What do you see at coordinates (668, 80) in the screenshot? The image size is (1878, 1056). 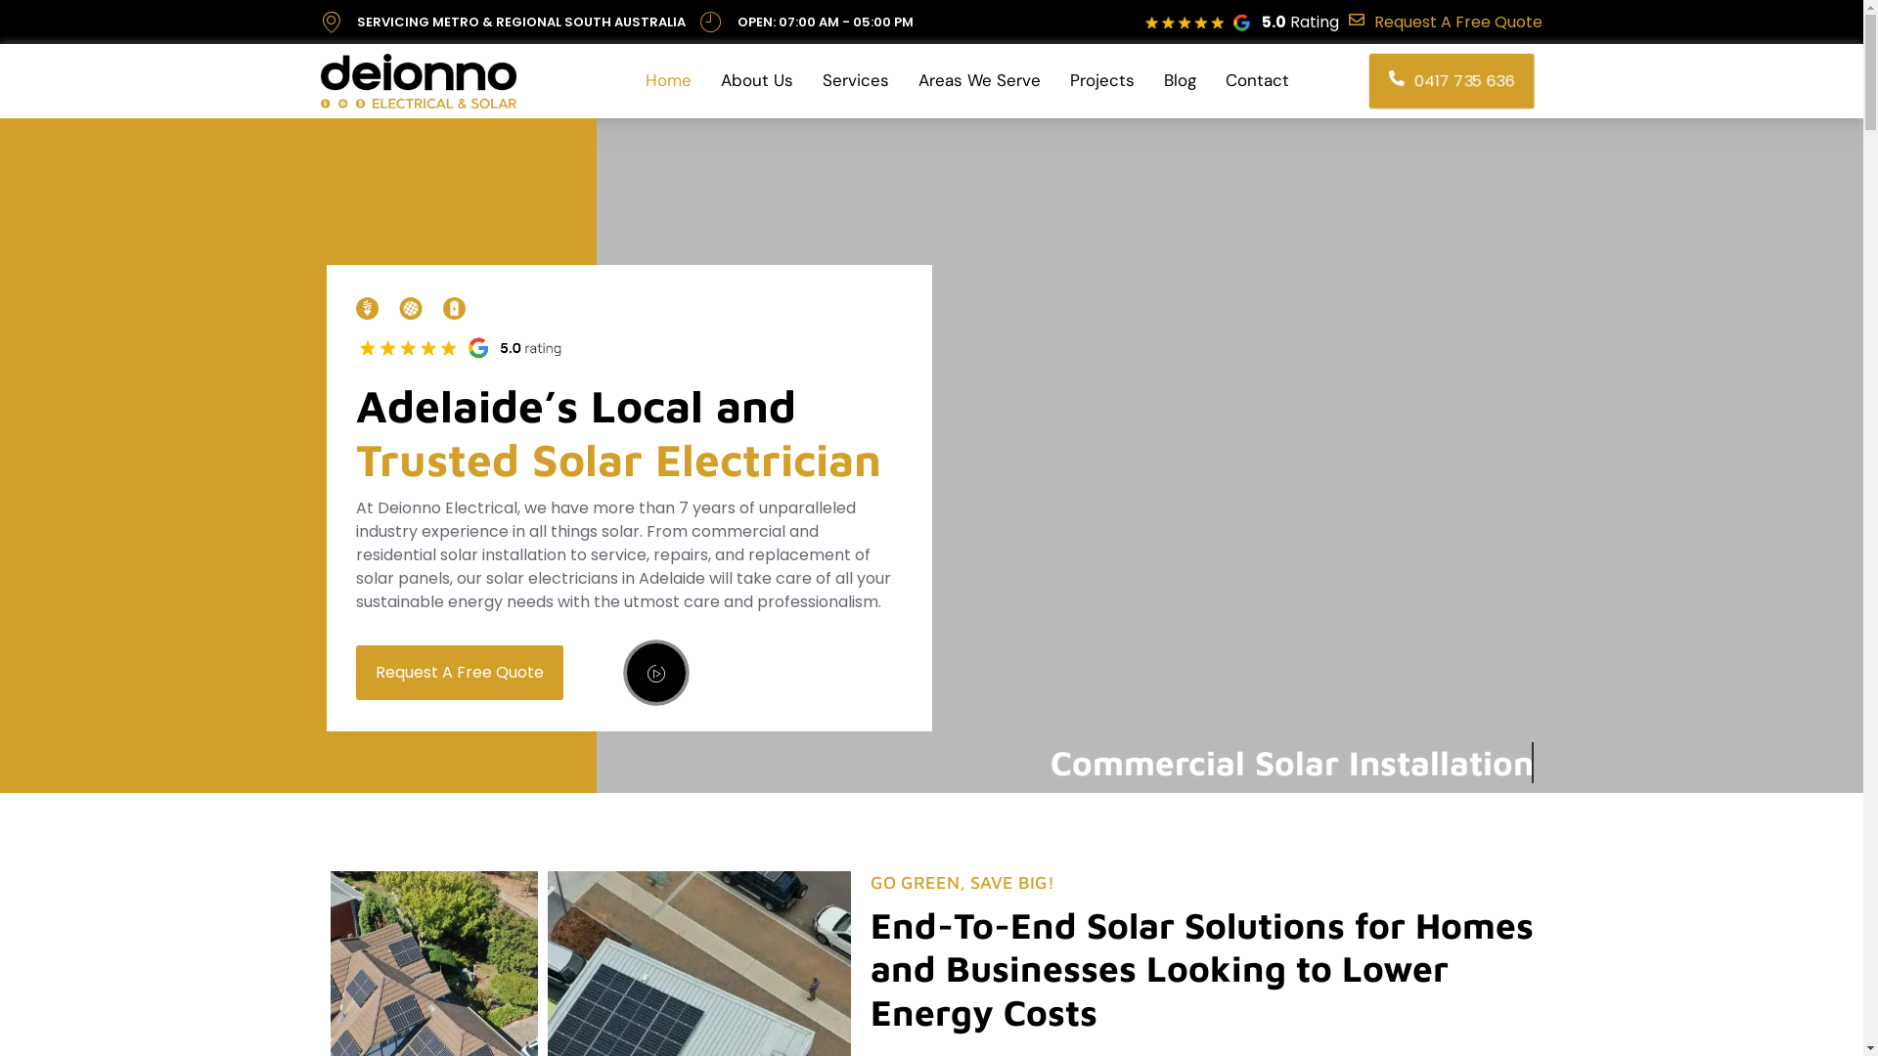 I see `'Home'` at bounding box center [668, 80].